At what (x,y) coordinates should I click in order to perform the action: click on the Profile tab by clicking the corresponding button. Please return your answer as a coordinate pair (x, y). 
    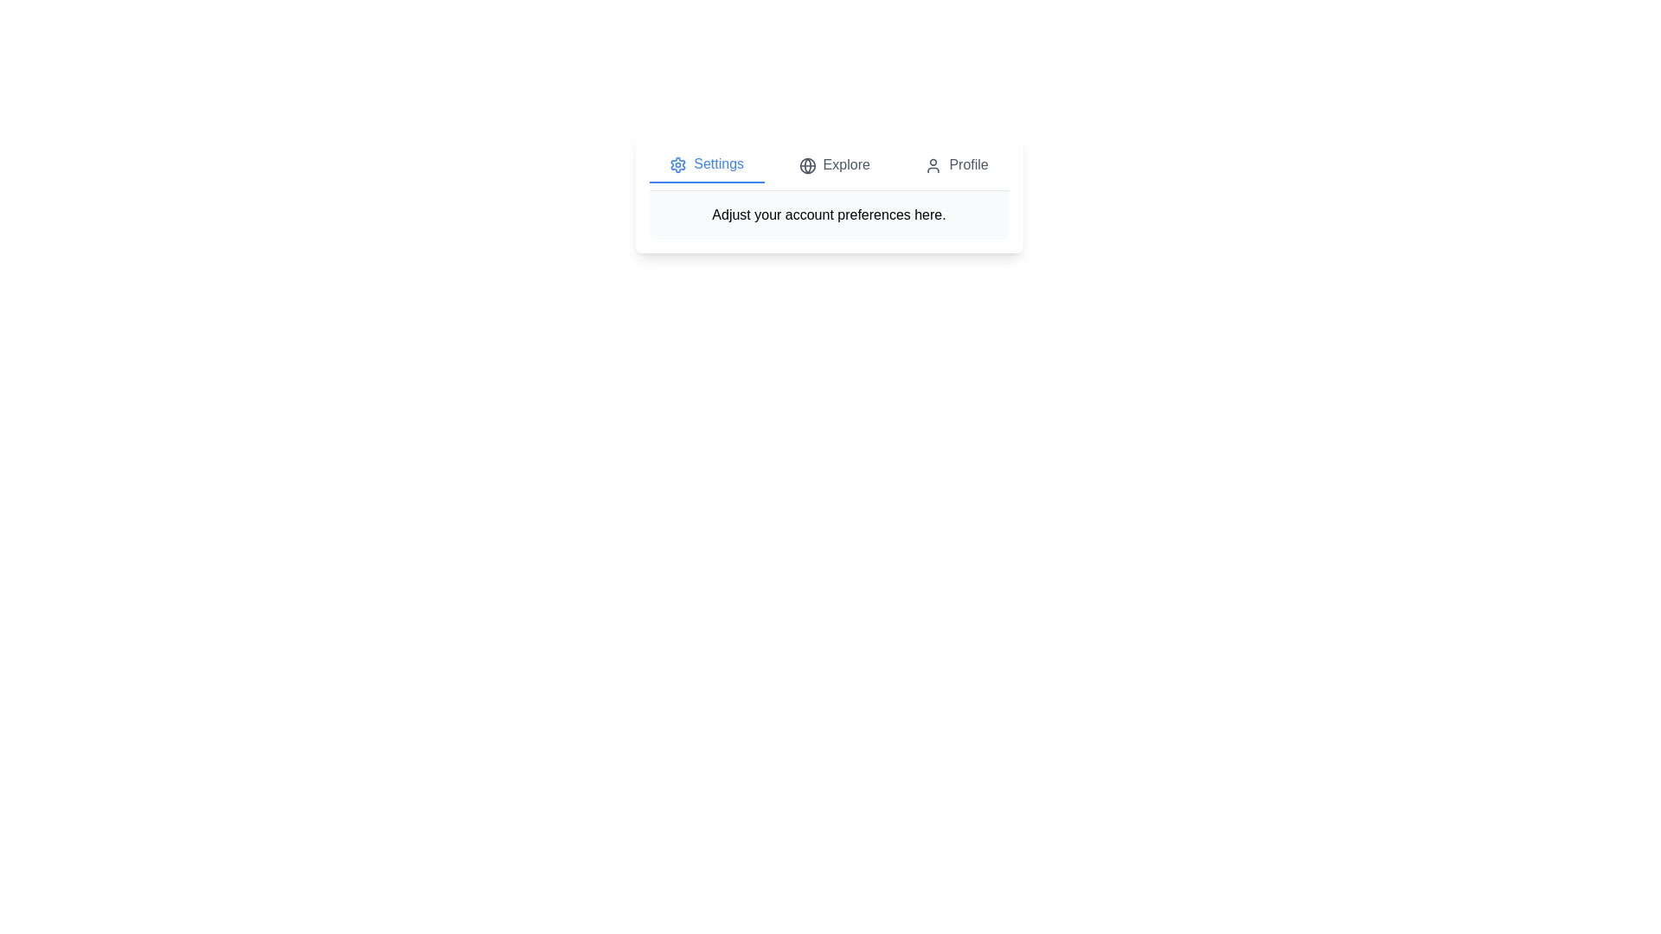
    Looking at the image, I should click on (956, 165).